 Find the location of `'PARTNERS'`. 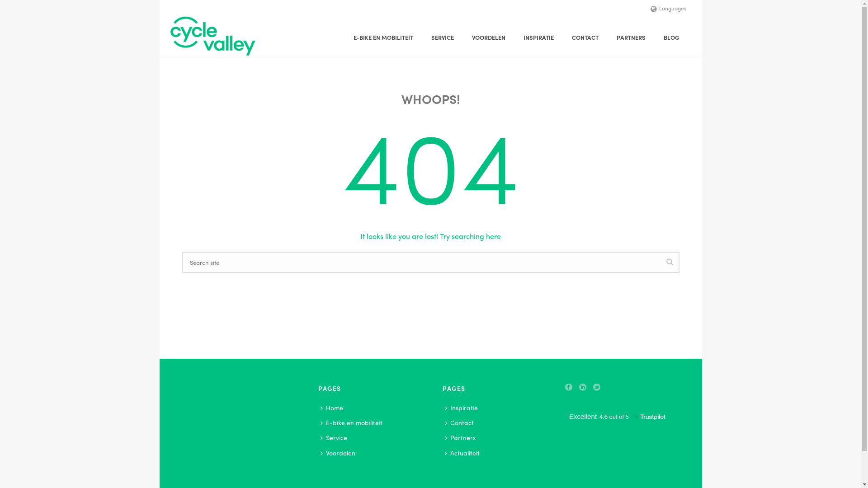

'PARTNERS' is located at coordinates (631, 37).